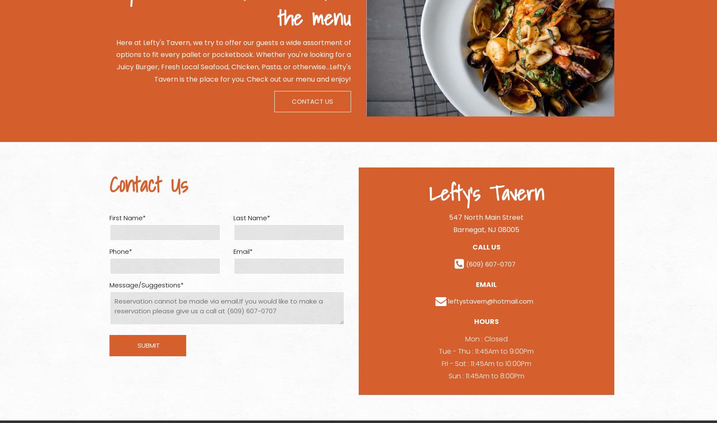  What do you see at coordinates (115, 60) in the screenshot?
I see `'Here at Lefty's Tavern, we try to offer our guests a wide assortment of options to fit every pallet or pocketbook. Whether you're looking for a Juicy Burger, Fresh Local Seafood, Chicken, Pasta, or otherwise...Lefty's Tavern is the place for you. Check out our menu and enjoy!'` at bounding box center [115, 60].